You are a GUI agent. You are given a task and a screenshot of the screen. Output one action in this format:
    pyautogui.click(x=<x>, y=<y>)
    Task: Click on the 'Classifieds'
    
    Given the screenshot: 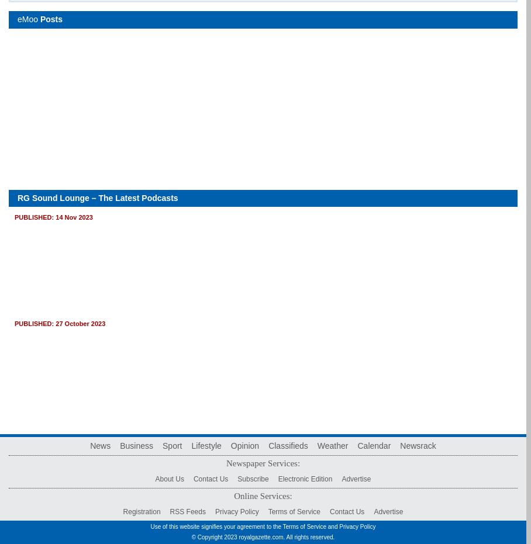 What is the action you would take?
    pyautogui.click(x=287, y=445)
    